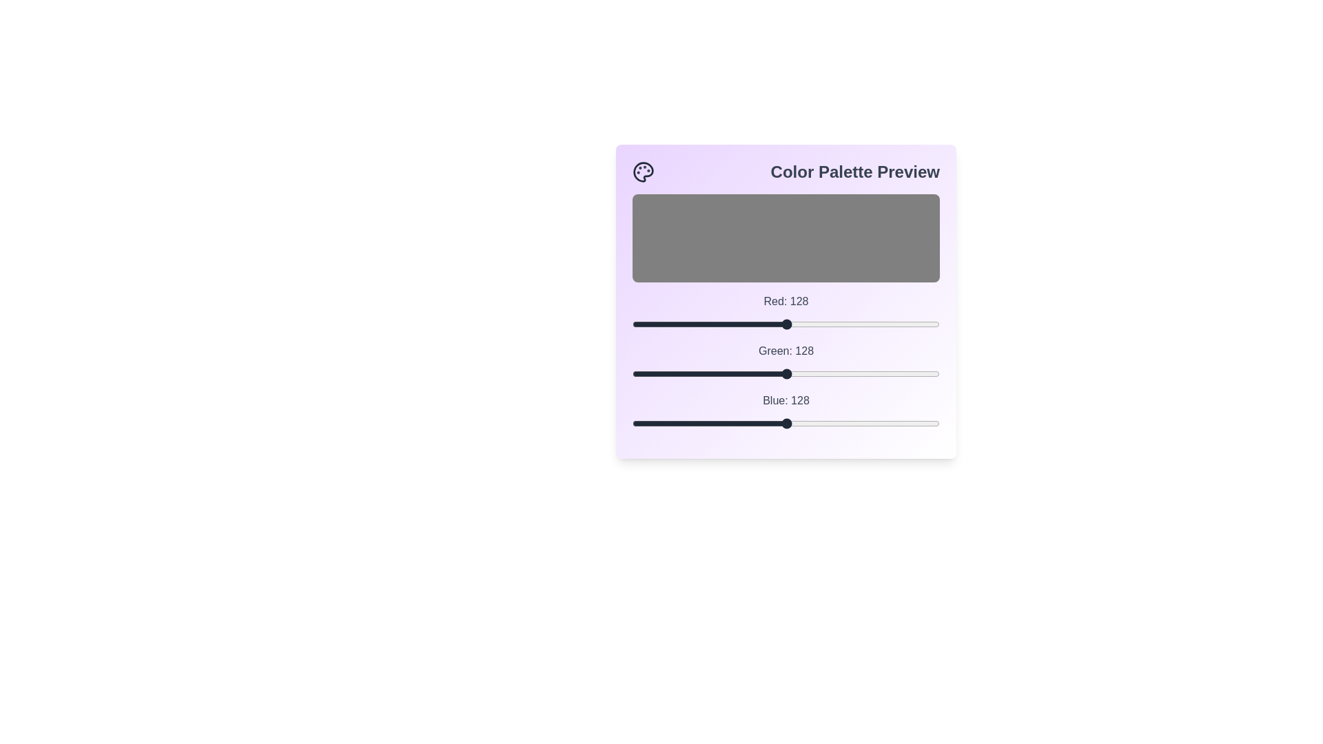 The image size is (1323, 744). I want to click on the red color intensity, so click(662, 324).